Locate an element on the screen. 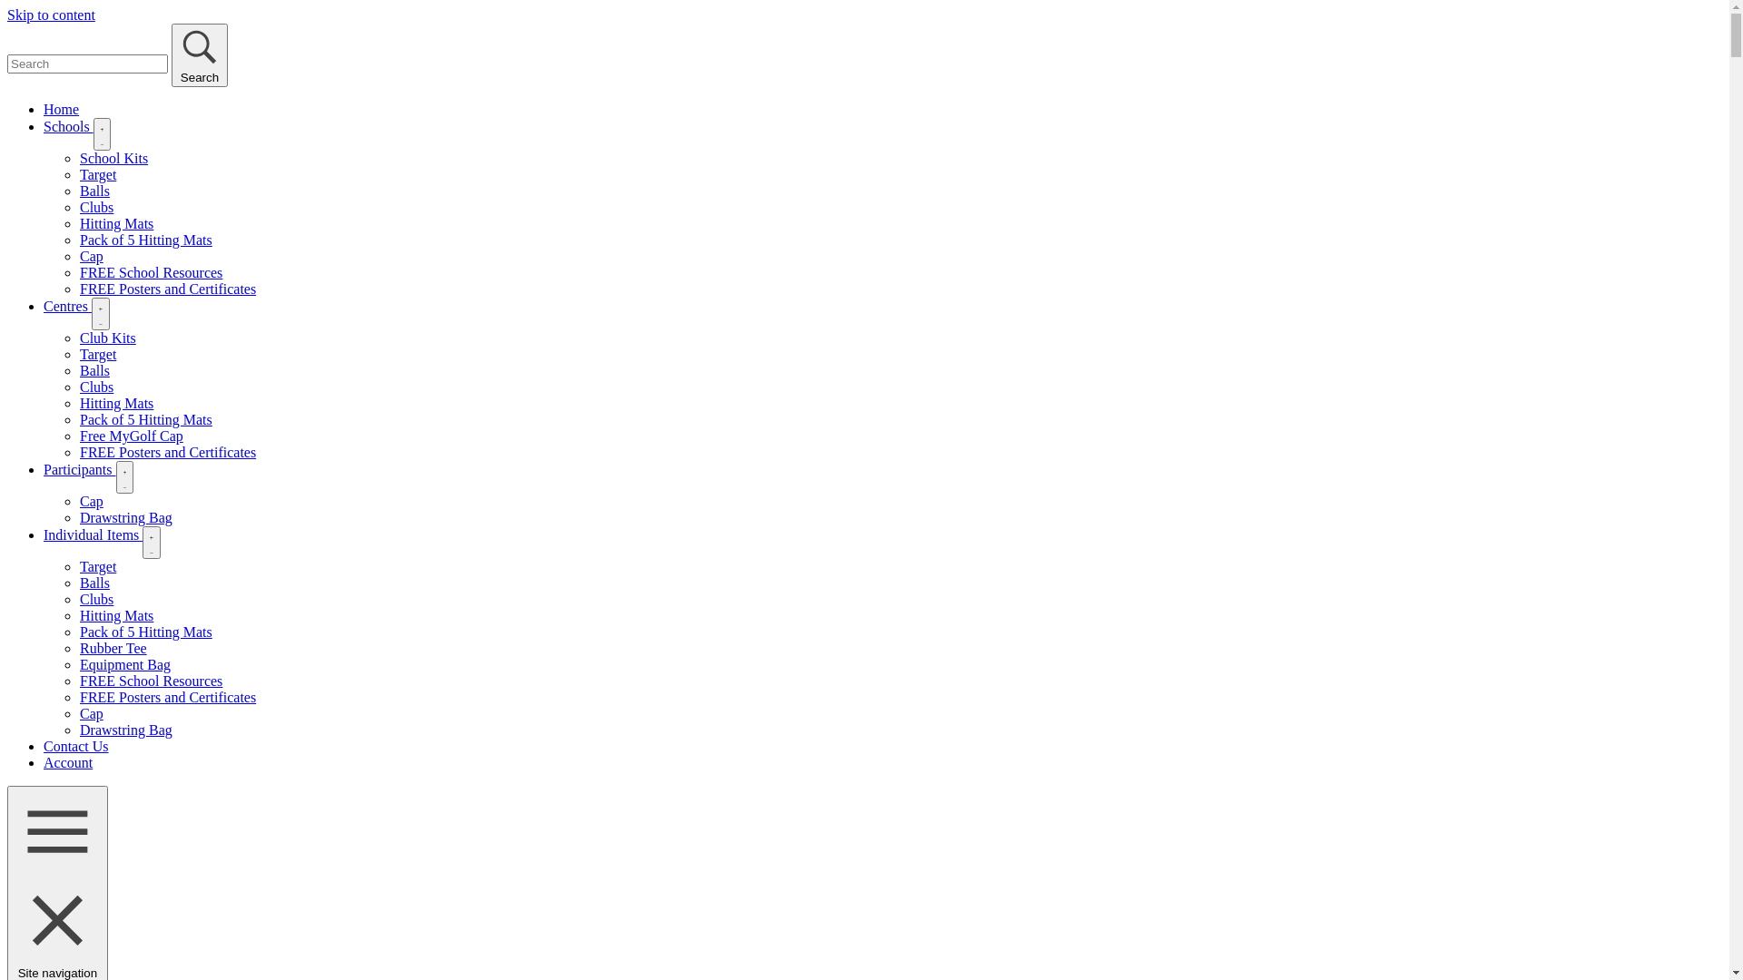 This screenshot has width=1743, height=980. 'Skip to content' is located at coordinates (51, 15).